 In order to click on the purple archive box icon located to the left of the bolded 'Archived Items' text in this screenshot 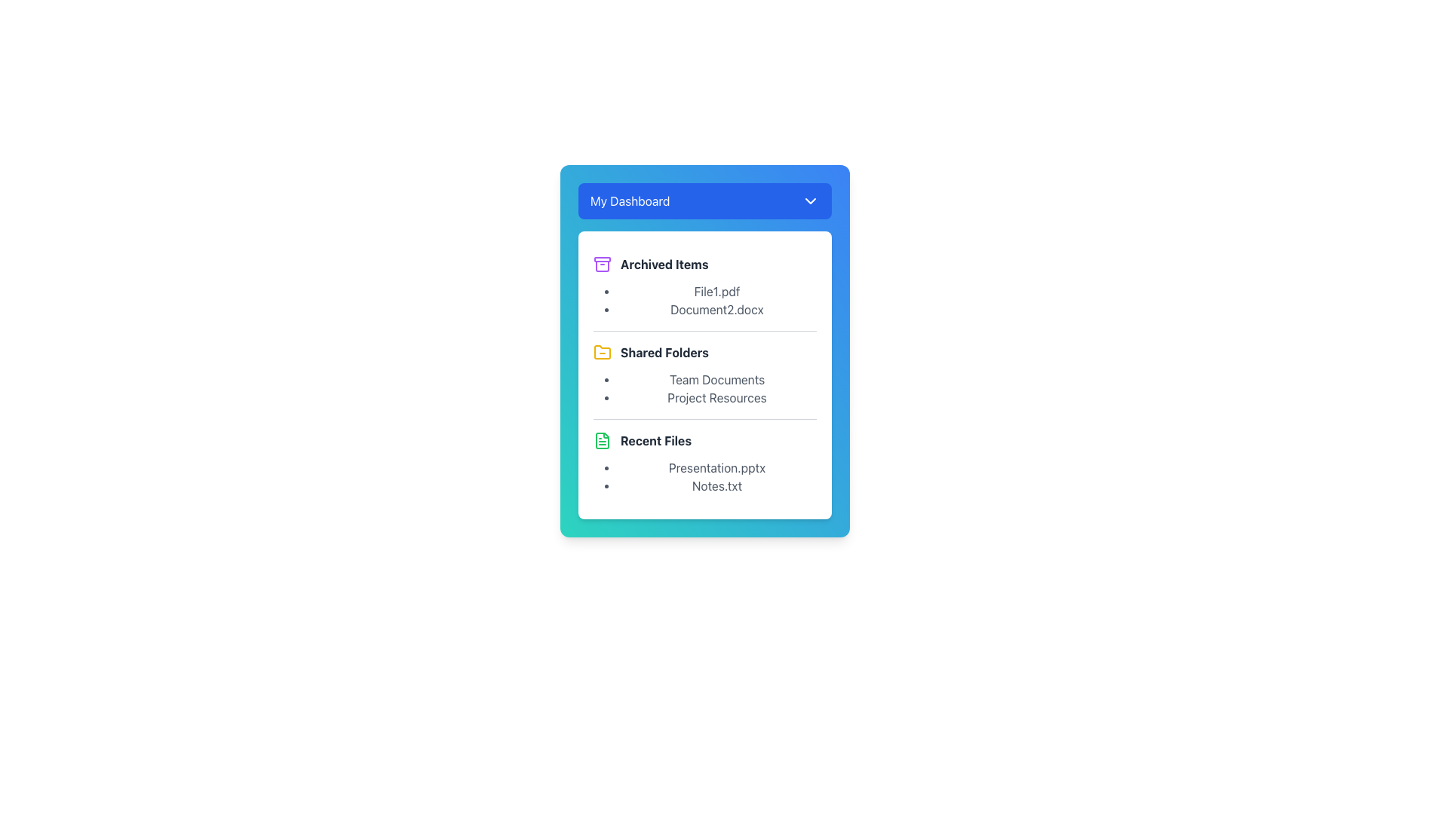, I will do `click(601, 264)`.